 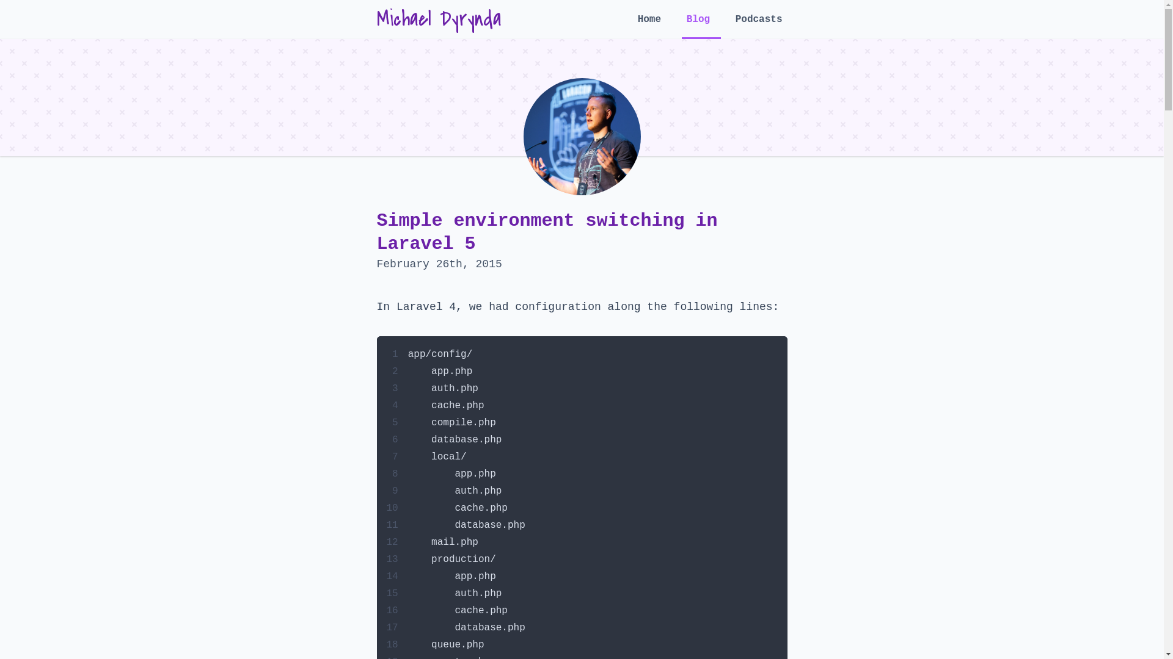 What do you see at coordinates (758, 26) in the screenshot?
I see `'Podcasts'` at bounding box center [758, 26].